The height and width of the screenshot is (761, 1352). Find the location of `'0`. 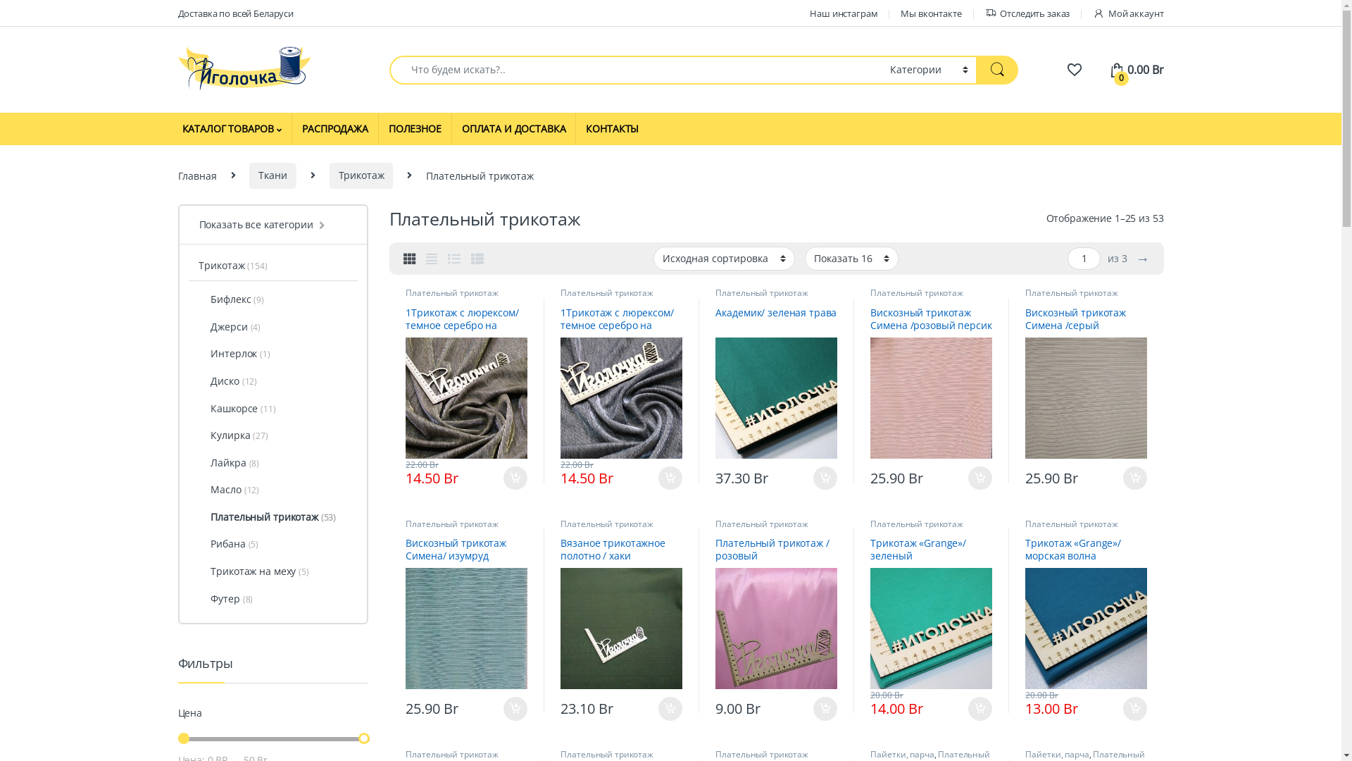

'0 is located at coordinates (1136, 70).